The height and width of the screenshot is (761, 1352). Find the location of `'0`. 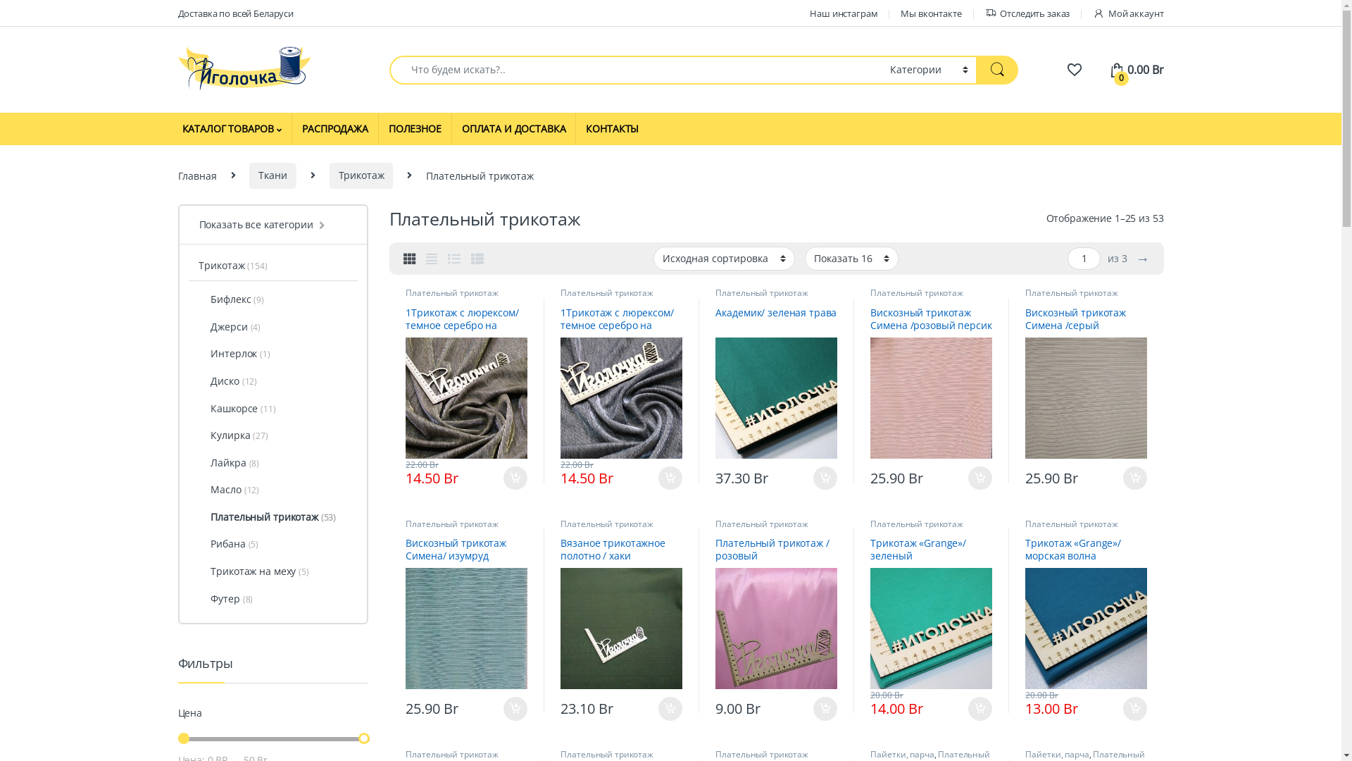

'0 is located at coordinates (1136, 70).